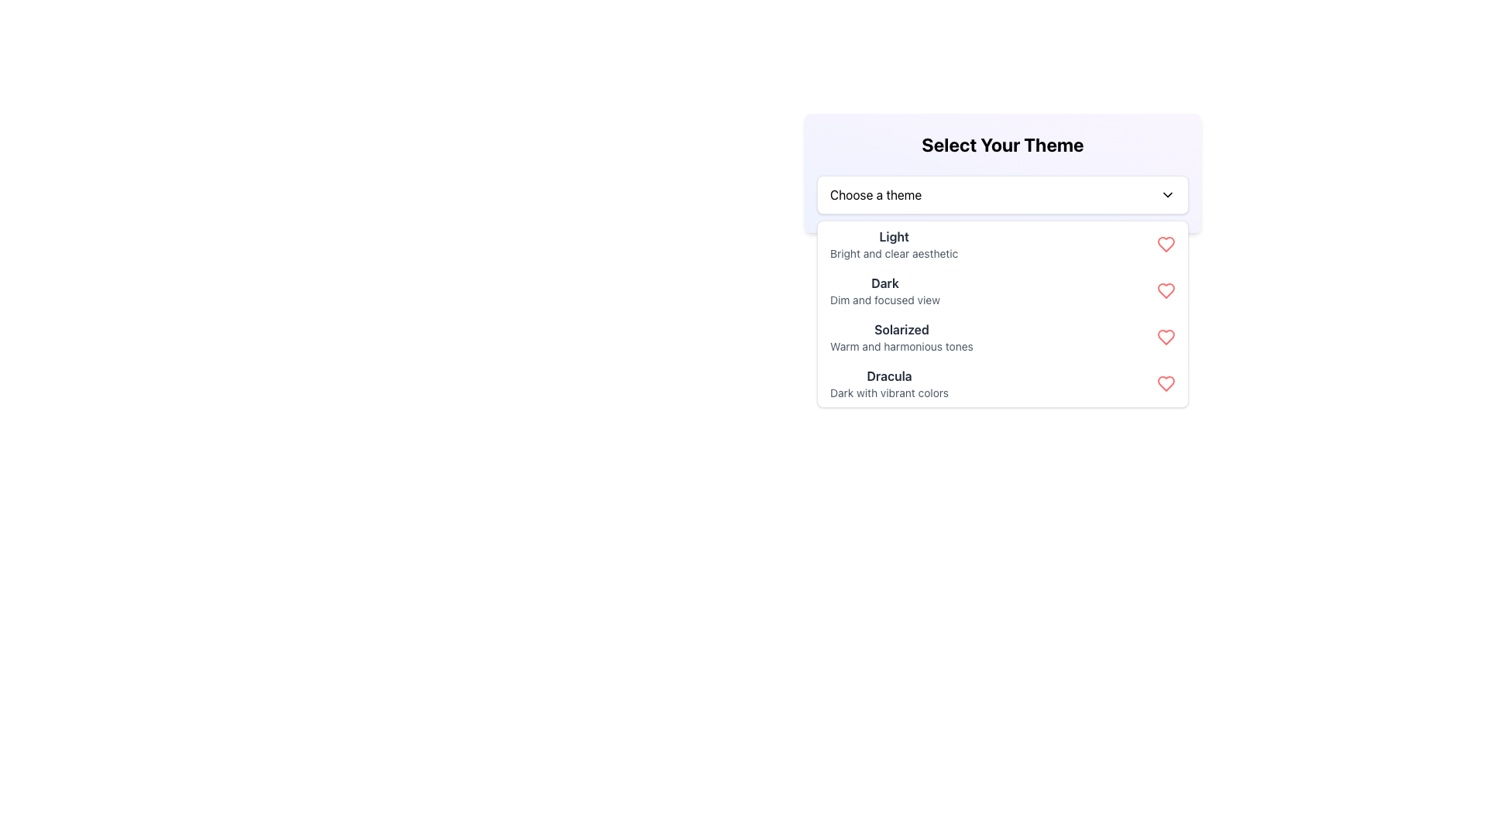 The height and width of the screenshot is (836, 1487). What do you see at coordinates (1166, 244) in the screenshot?
I see `the red outlined heart icon located on the far-right side of the list item labeled 'Light' in the theme selection dropdown to interact with it` at bounding box center [1166, 244].